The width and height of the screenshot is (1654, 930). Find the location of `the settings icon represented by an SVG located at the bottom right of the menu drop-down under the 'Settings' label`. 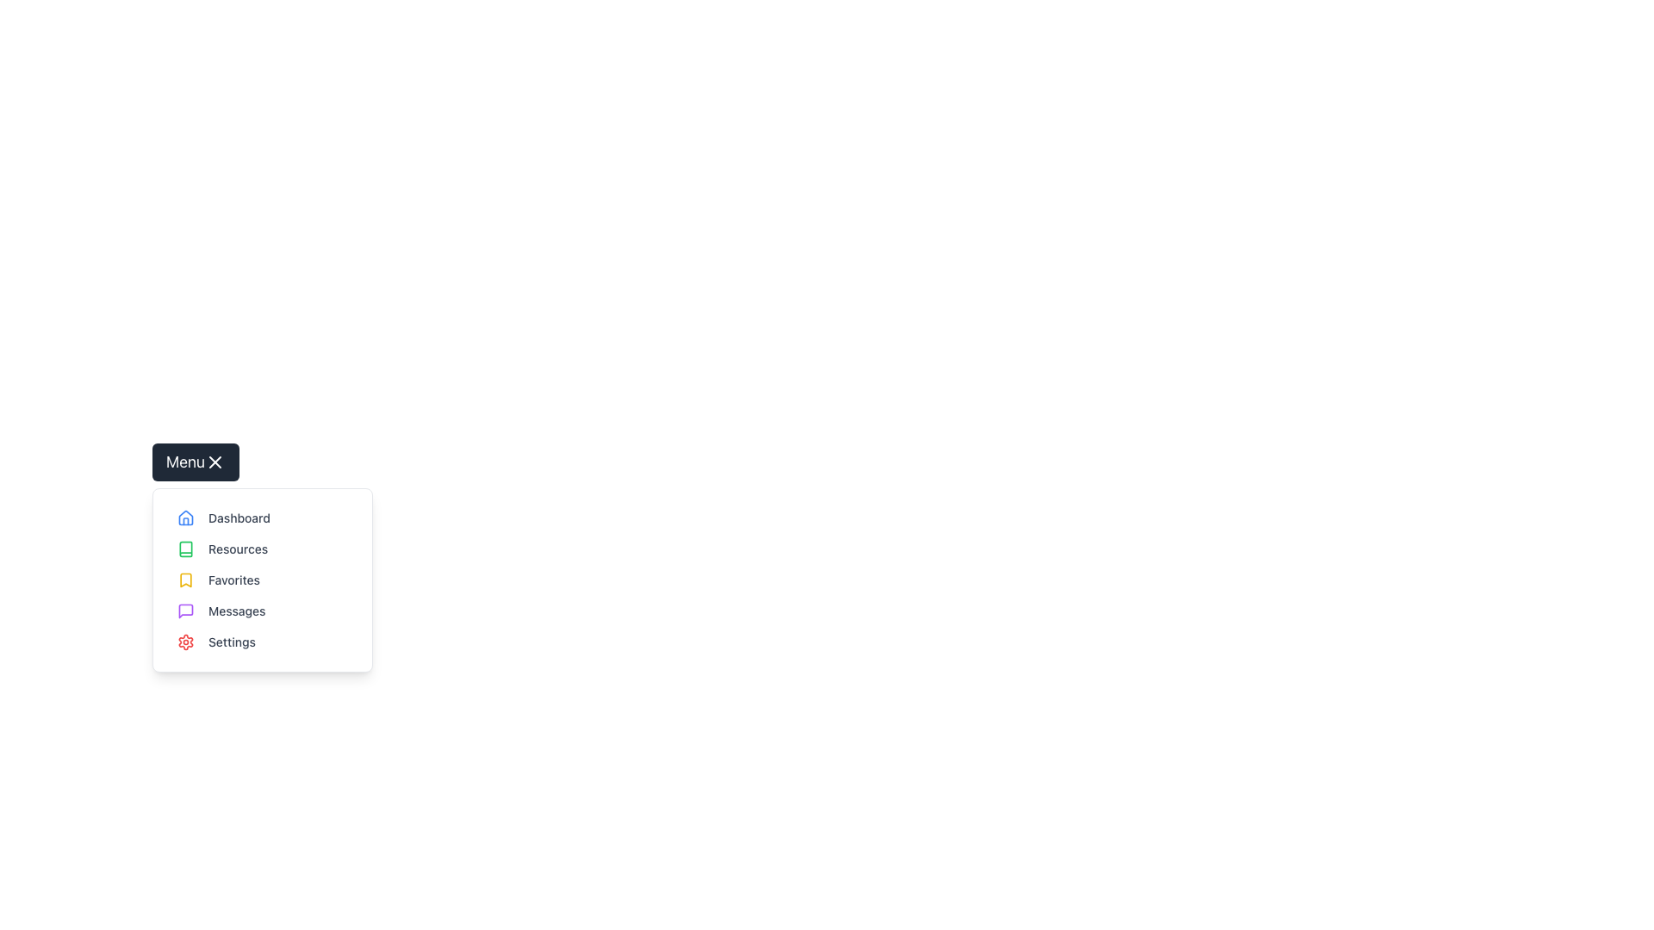

the settings icon represented by an SVG located at the bottom right of the menu drop-down under the 'Settings' label is located at coordinates (186, 642).